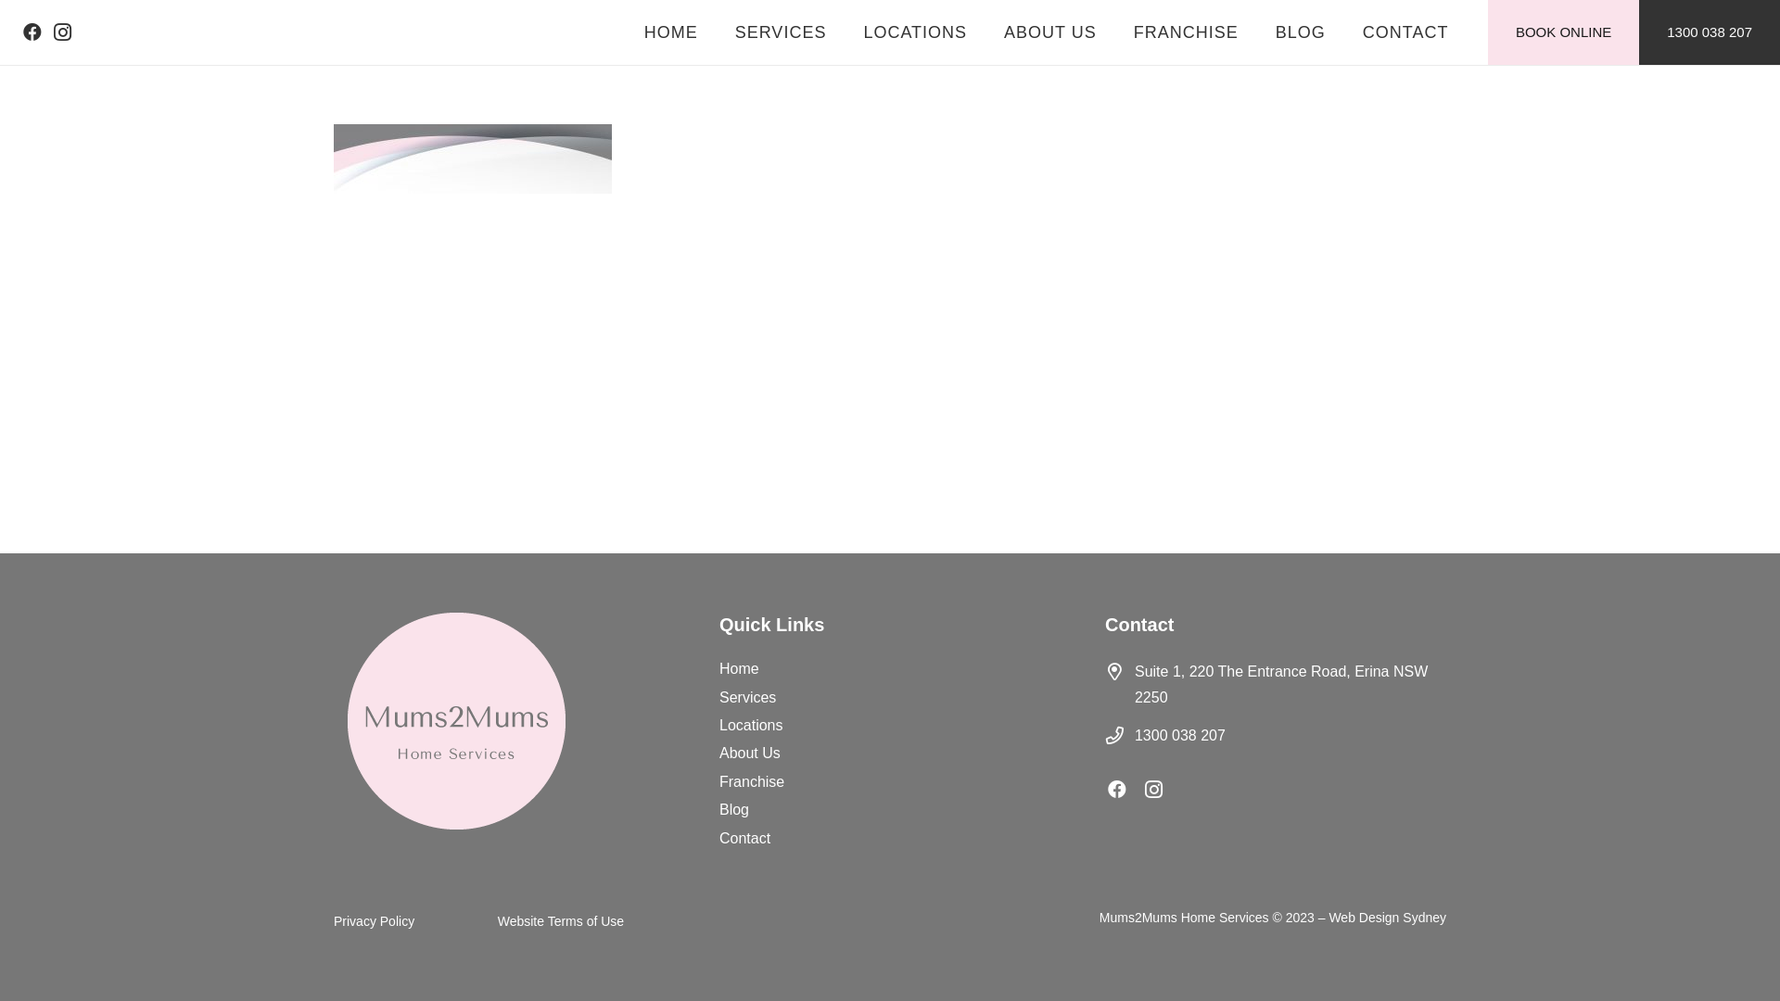  What do you see at coordinates (747, 697) in the screenshot?
I see `'Services'` at bounding box center [747, 697].